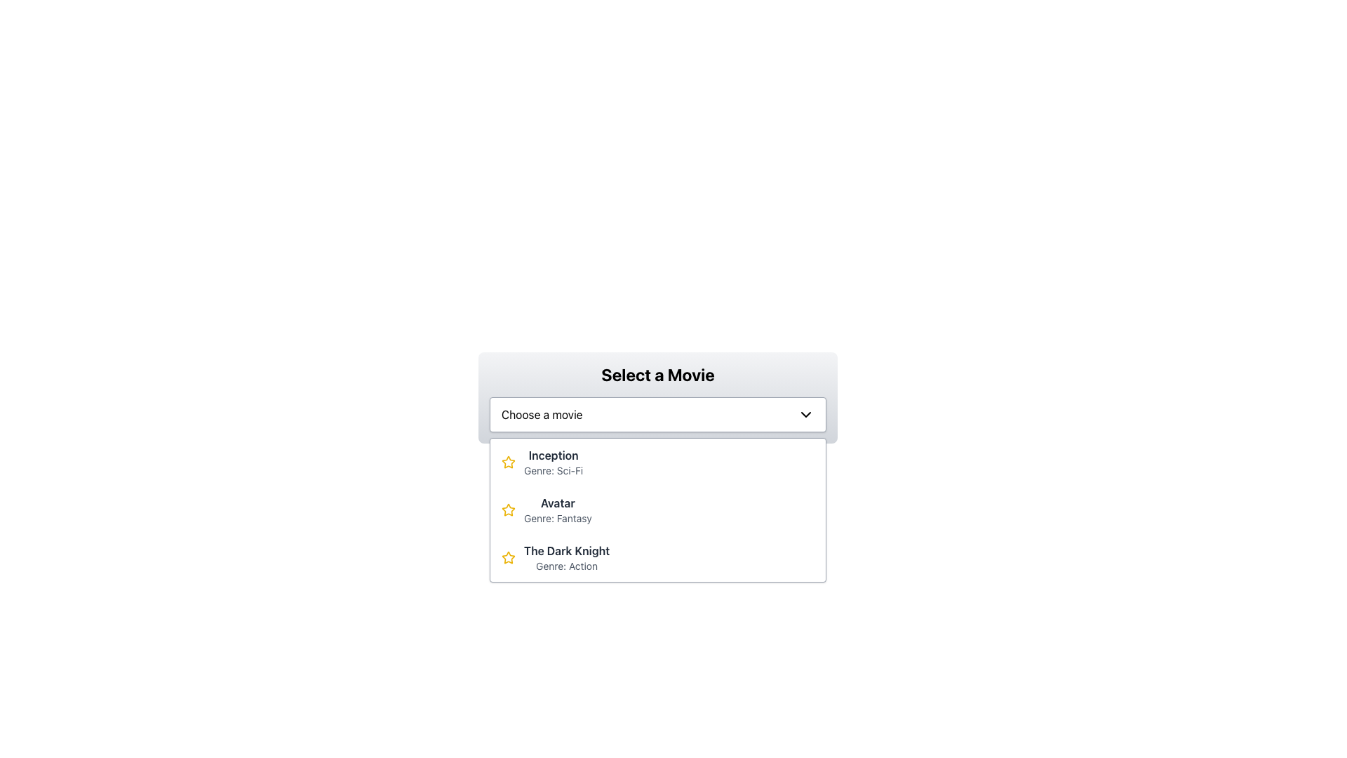  What do you see at coordinates (657, 510) in the screenshot?
I see `the interactive dropdown list item titled 'Avatar - Genre: Fantasy'` at bounding box center [657, 510].